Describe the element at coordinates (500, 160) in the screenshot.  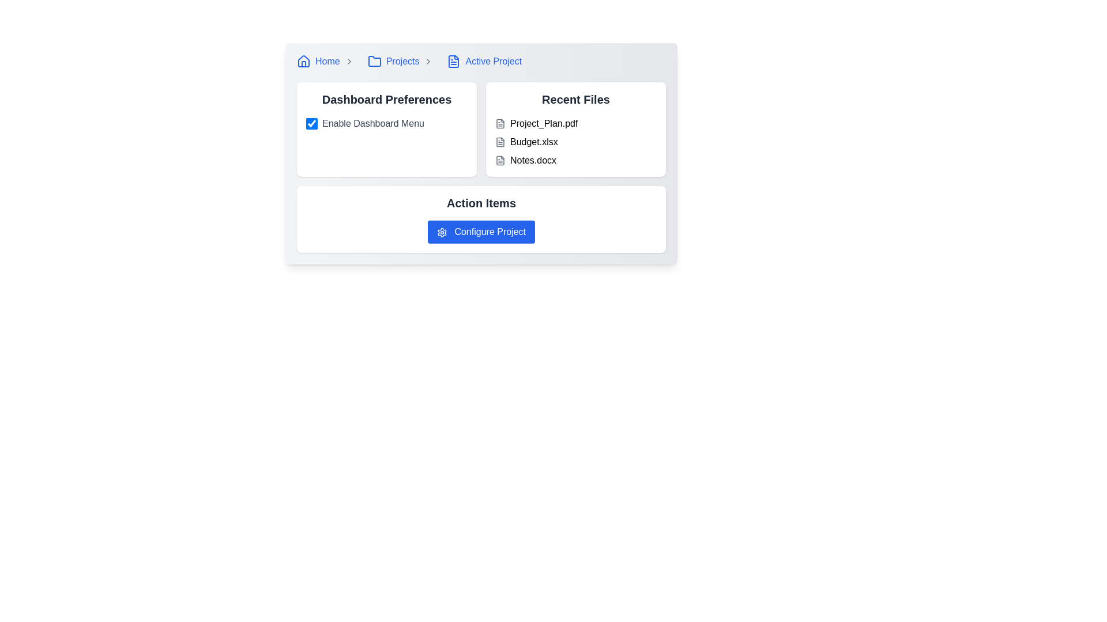
I see `the document file icon associated with 'Notes.docx' located in the 'Recent Files' section of the interface` at that location.